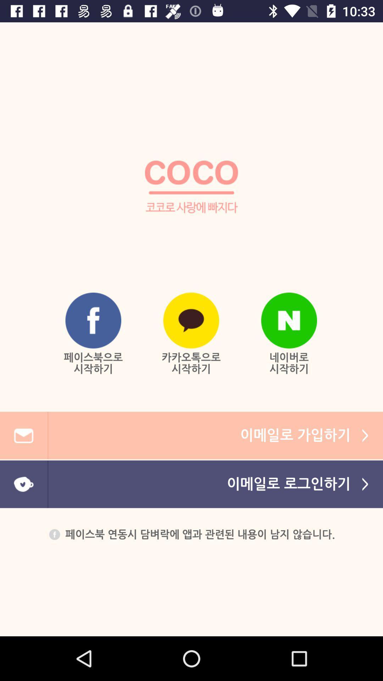 This screenshot has height=681, width=383. What do you see at coordinates (191, 320) in the screenshot?
I see `the bottom middle logo` at bounding box center [191, 320].